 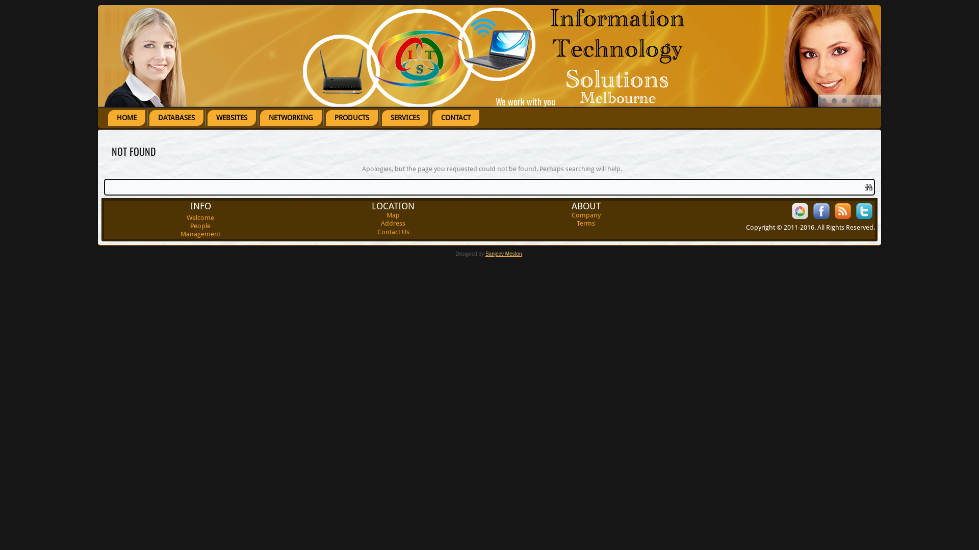 What do you see at coordinates (432, 117) in the screenshot?
I see `'CONTACT'` at bounding box center [432, 117].